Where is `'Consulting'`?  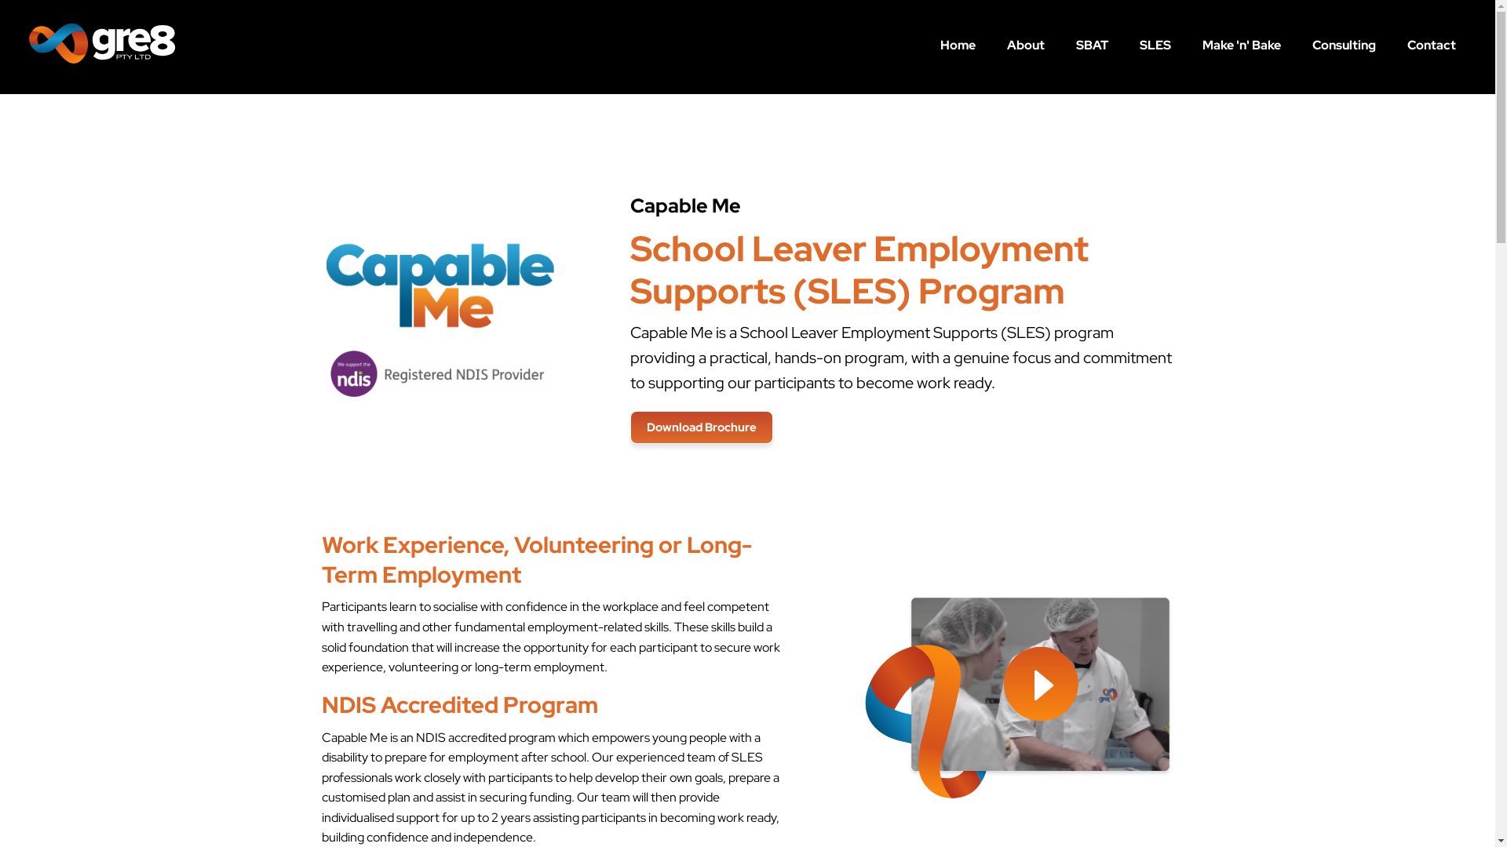 'Consulting' is located at coordinates (1343, 44).